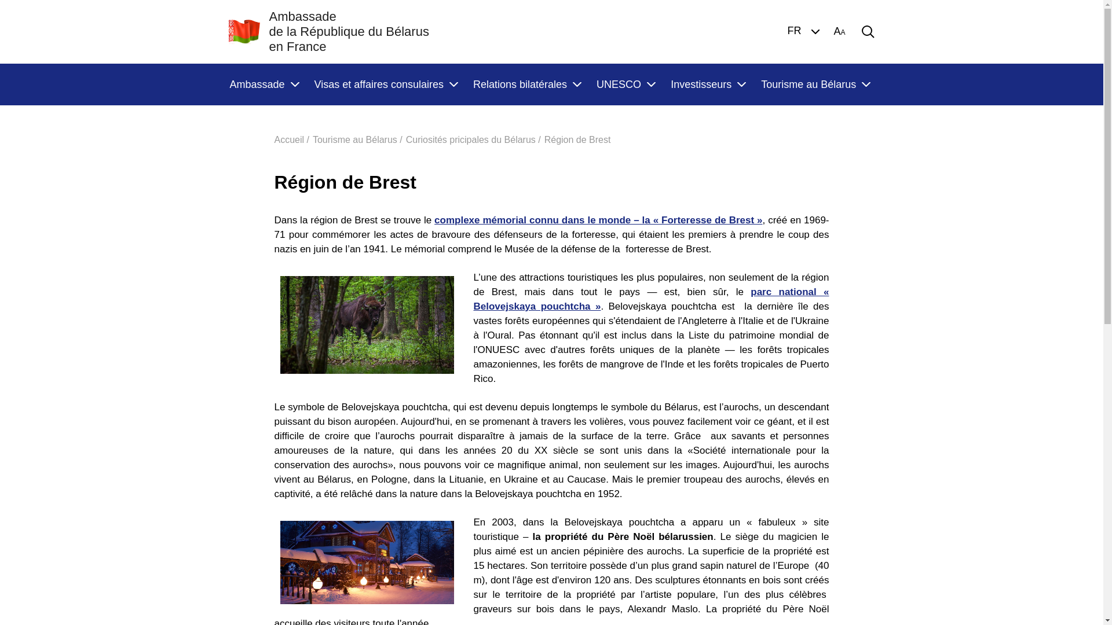 The image size is (1112, 625). What do you see at coordinates (625, 84) in the screenshot?
I see `'UNESCO'` at bounding box center [625, 84].